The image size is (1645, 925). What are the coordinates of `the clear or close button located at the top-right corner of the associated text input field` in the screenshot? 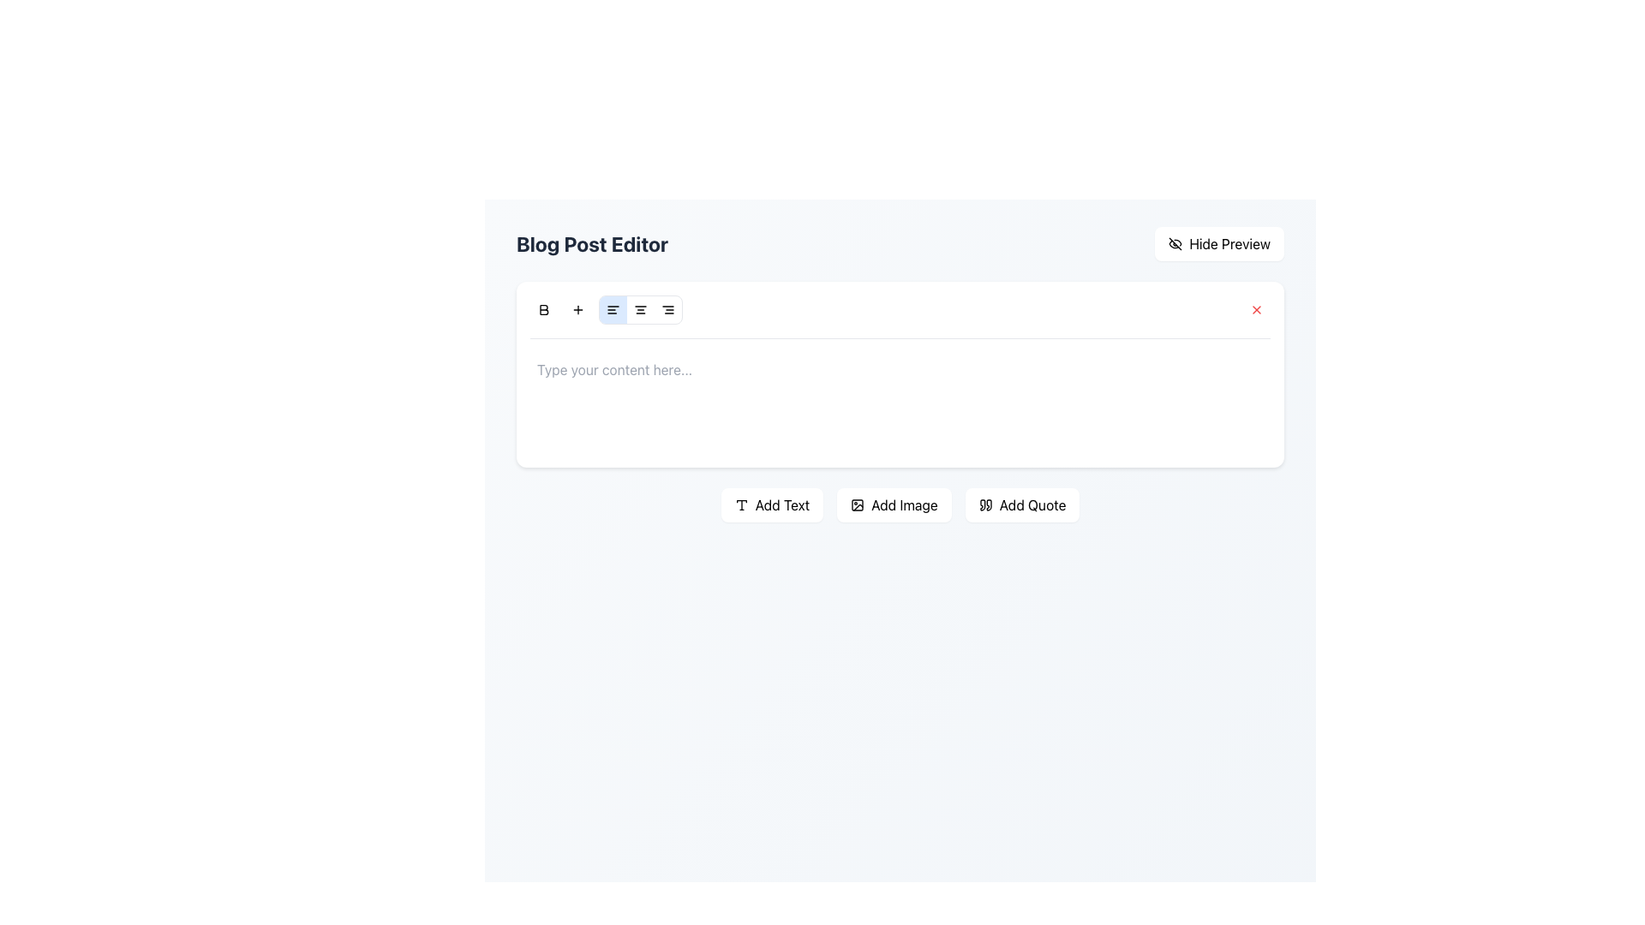 It's located at (1257, 310).